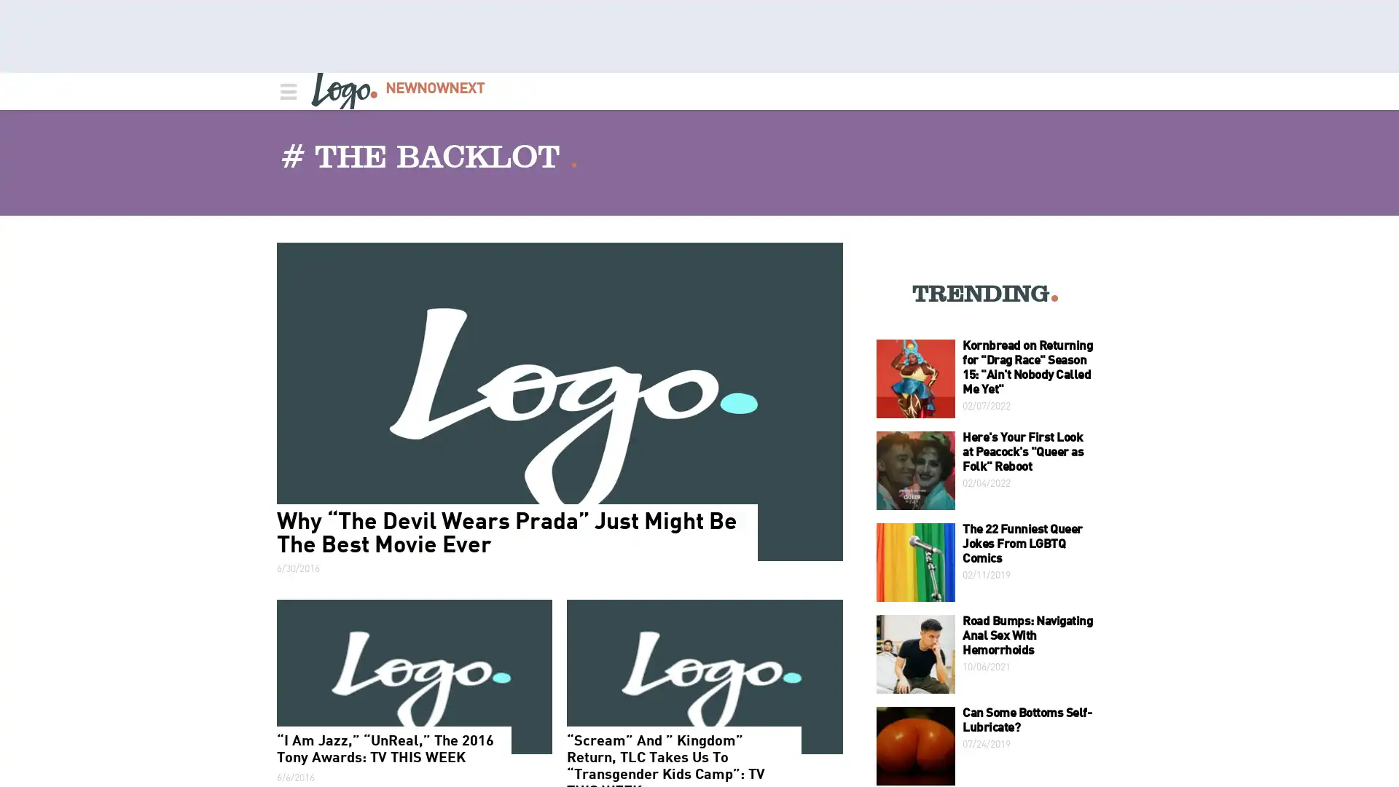 This screenshot has width=1399, height=787. Describe the element at coordinates (286, 90) in the screenshot. I see `Open main navigation` at that location.